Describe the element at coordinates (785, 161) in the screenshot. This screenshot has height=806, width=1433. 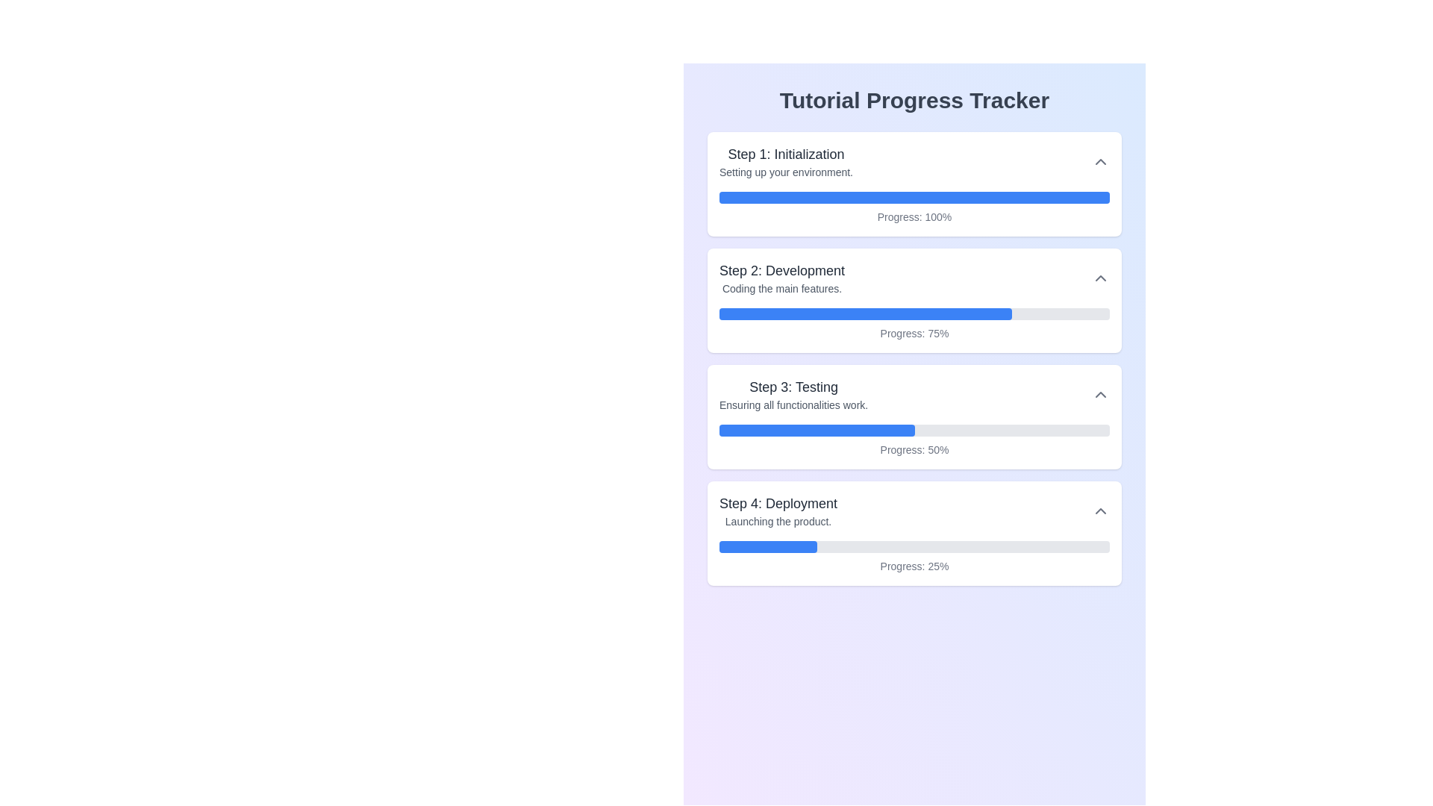
I see `the Descriptive header titled 'Step 1: Initialization' for accessibility purposes` at that location.